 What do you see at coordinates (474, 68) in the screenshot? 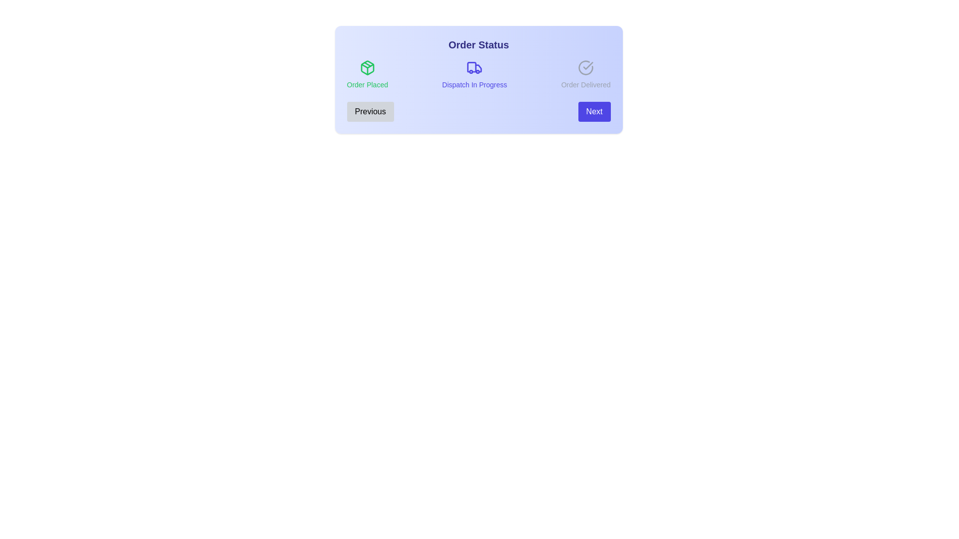
I see `the state of the Progress Indicator located below the truck icon and above the text 'Dispatch In Progress'` at bounding box center [474, 68].